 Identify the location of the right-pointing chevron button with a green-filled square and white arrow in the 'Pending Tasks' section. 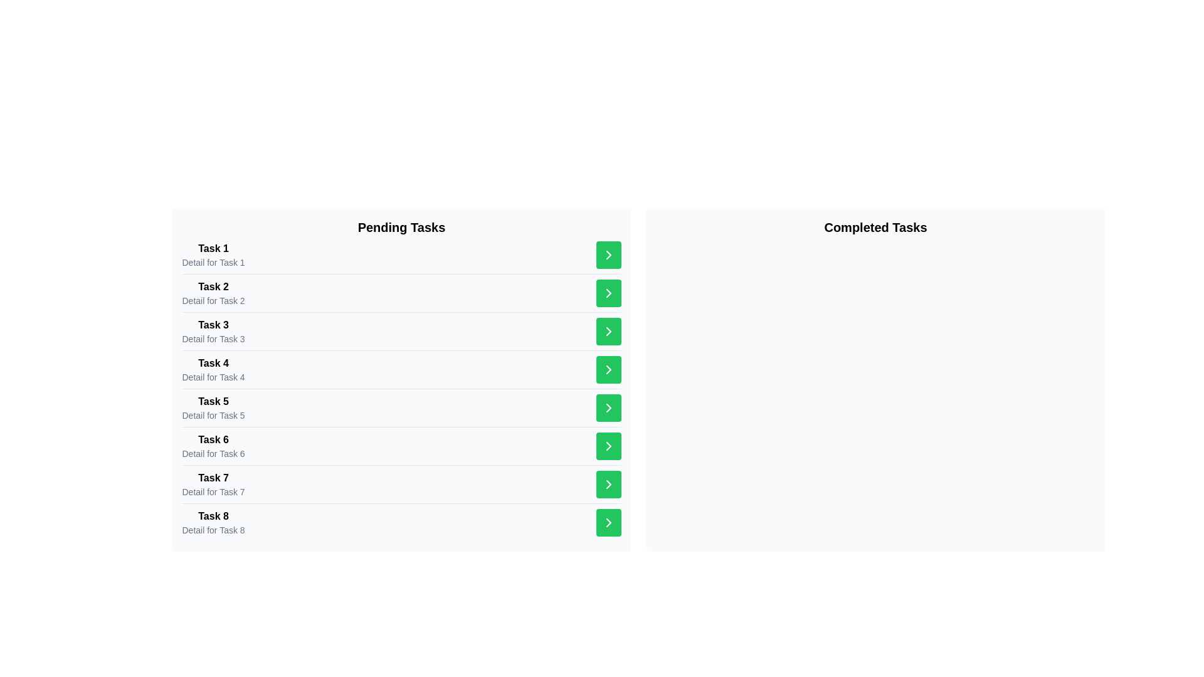
(608, 255).